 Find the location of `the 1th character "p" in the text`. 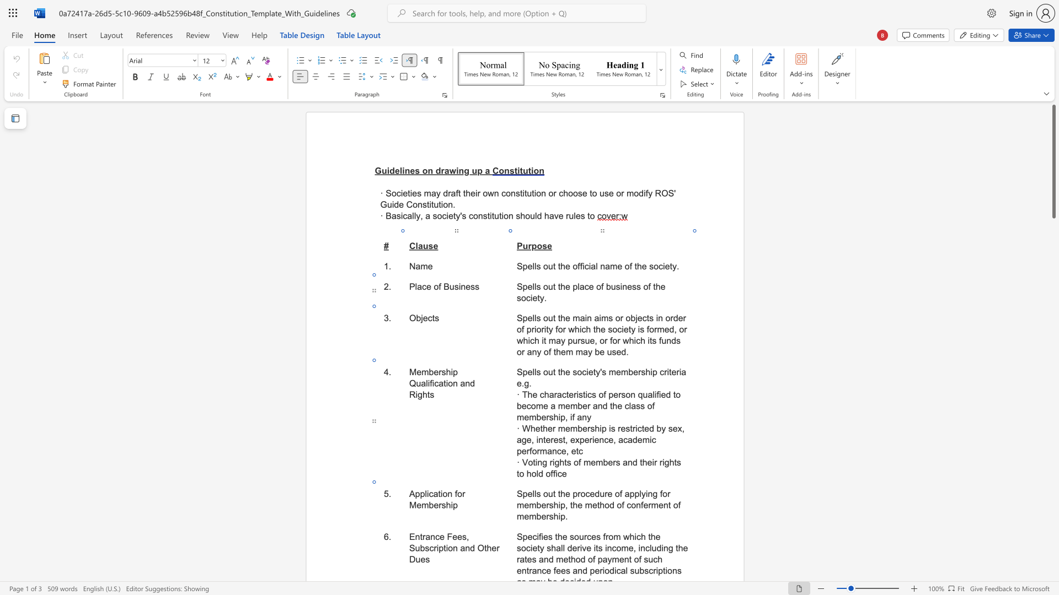

the 1th character "p" in the text is located at coordinates (525, 493).